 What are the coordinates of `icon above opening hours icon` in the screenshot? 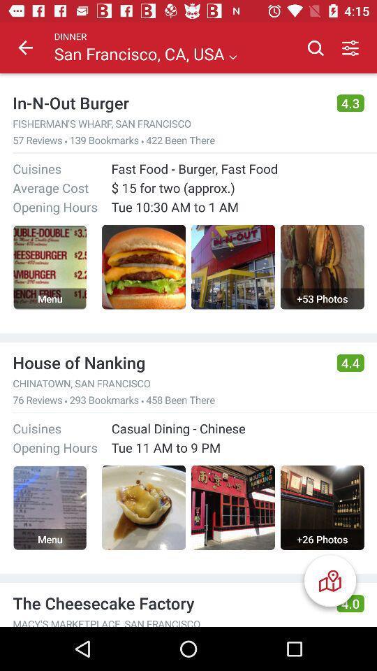 It's located at (50, 187).